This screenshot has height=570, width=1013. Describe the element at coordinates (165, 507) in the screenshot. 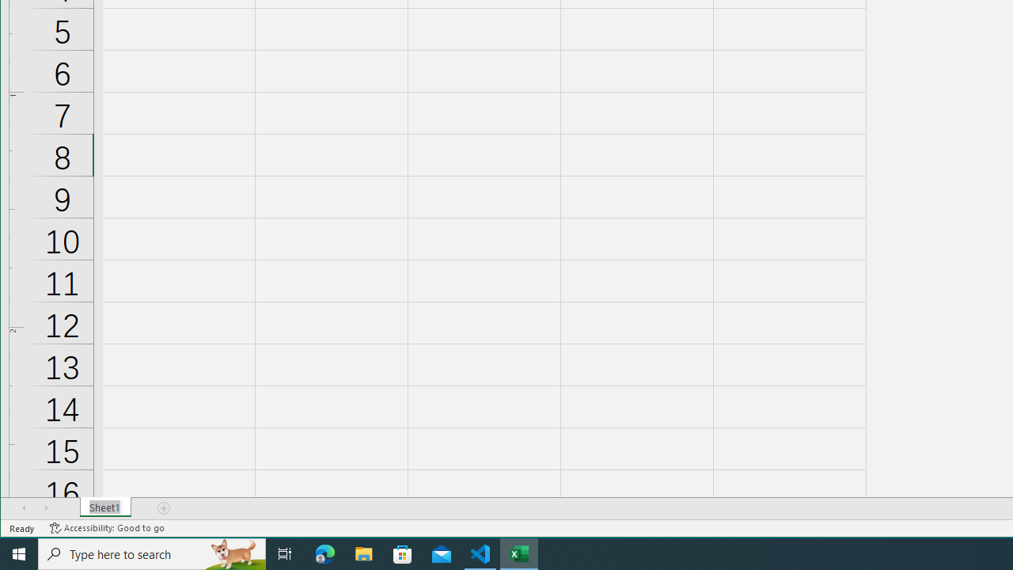

I see `'Add Sheet'` at that location.